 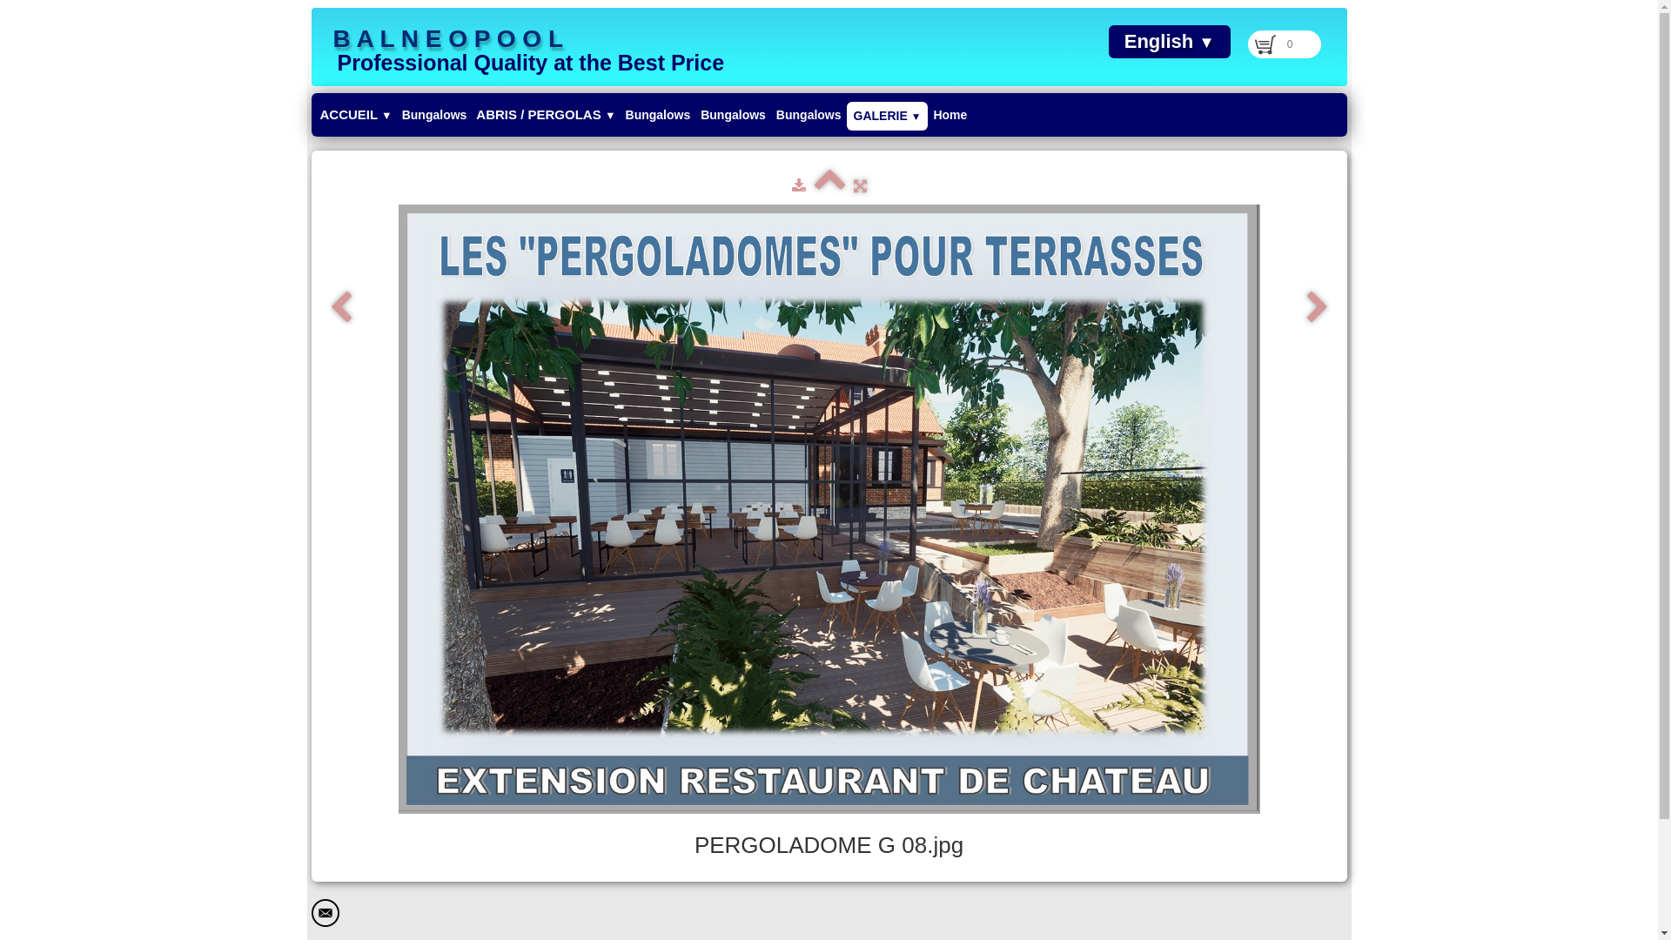 I want to click on 'Download', so click(x=797, y=185).